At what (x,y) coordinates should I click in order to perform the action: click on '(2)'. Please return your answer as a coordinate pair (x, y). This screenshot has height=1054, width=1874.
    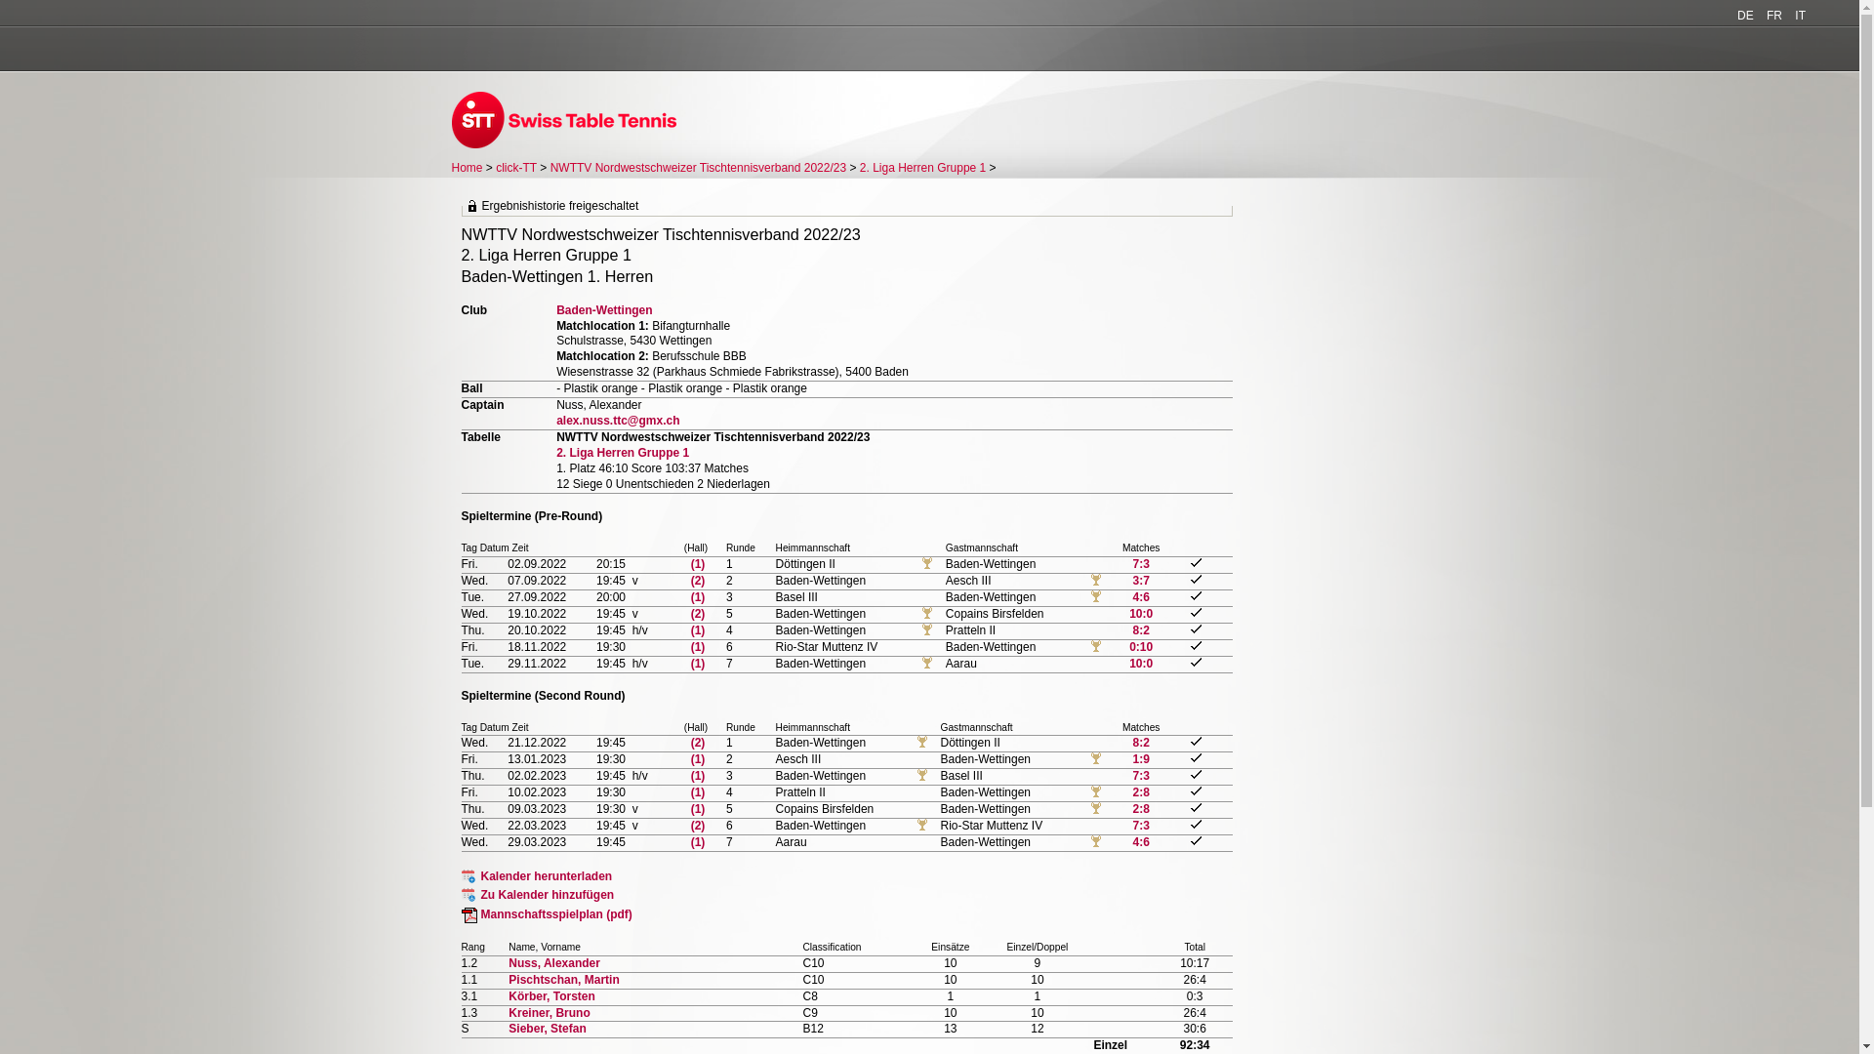
    Looking at the image, I should click on (691, 579).